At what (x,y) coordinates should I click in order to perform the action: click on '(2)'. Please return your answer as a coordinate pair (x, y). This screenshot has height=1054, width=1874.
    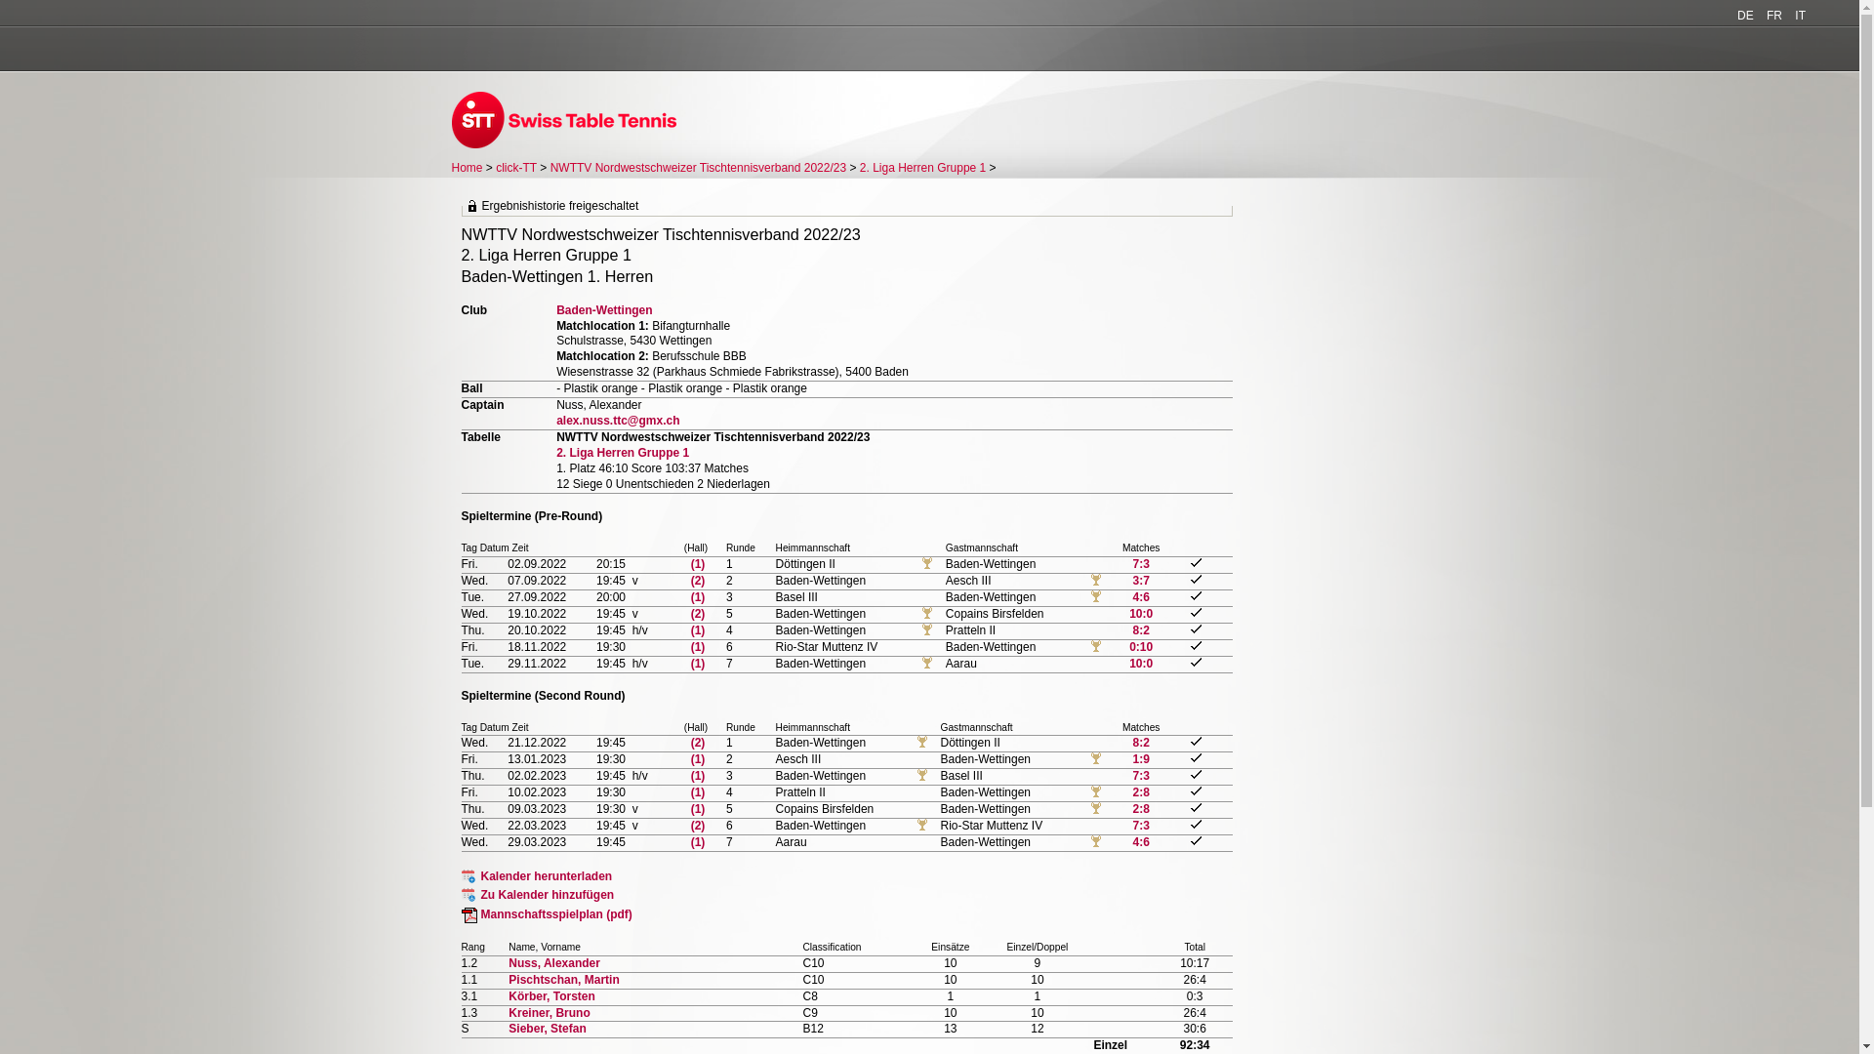
    Looking at the image, I should click on (691, 579).